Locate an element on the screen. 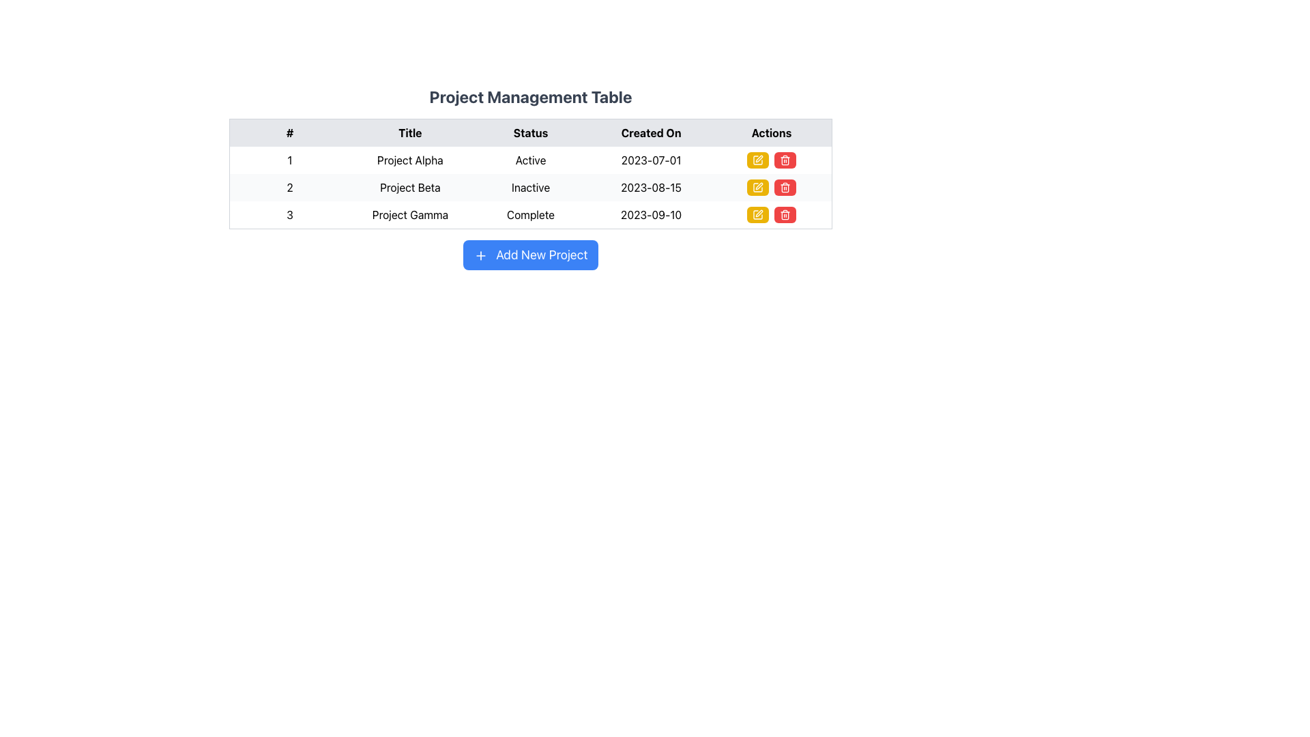  the 'Status' text label, which is a bold text centered within a light gray rectangular background in the header of the table is located at coordinates (529, 132).